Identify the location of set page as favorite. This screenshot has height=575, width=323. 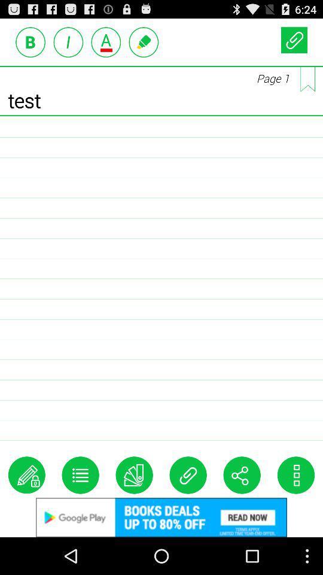
(307, 78).